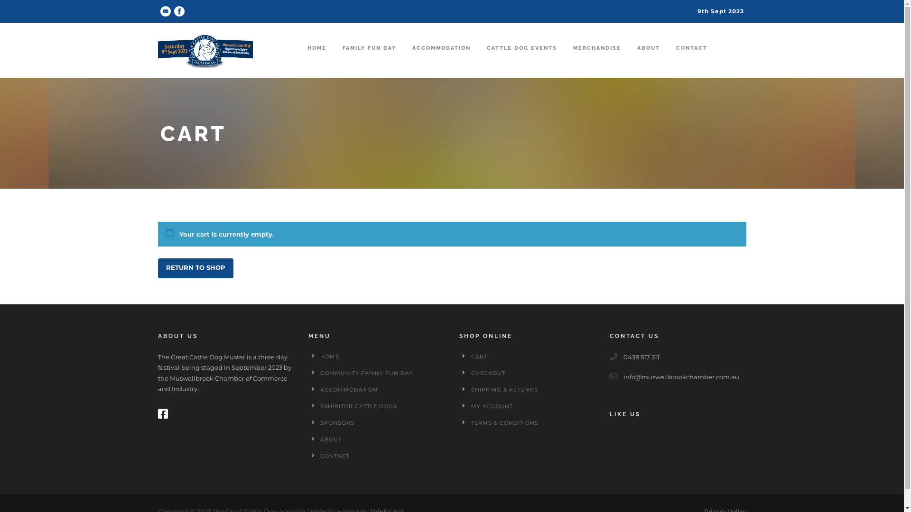  Describe the element at coordinates (316, 57) in the screenshot. I see `'HOME'` at that location.